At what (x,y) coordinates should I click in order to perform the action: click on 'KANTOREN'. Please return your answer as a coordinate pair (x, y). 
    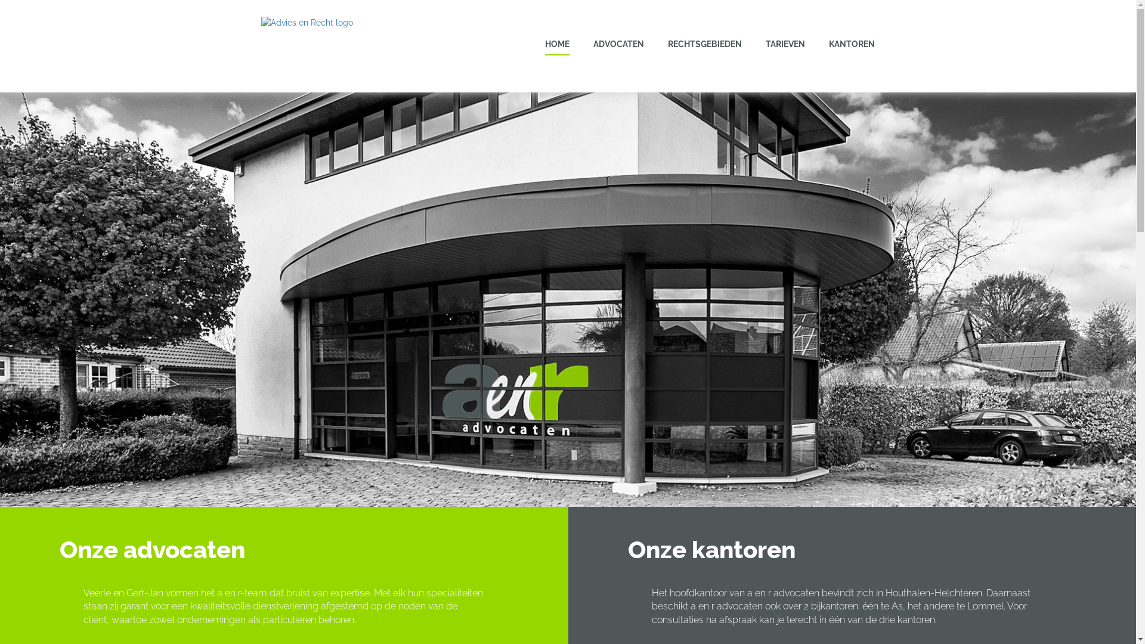
    Looking at the image, I should click on (851, 43).